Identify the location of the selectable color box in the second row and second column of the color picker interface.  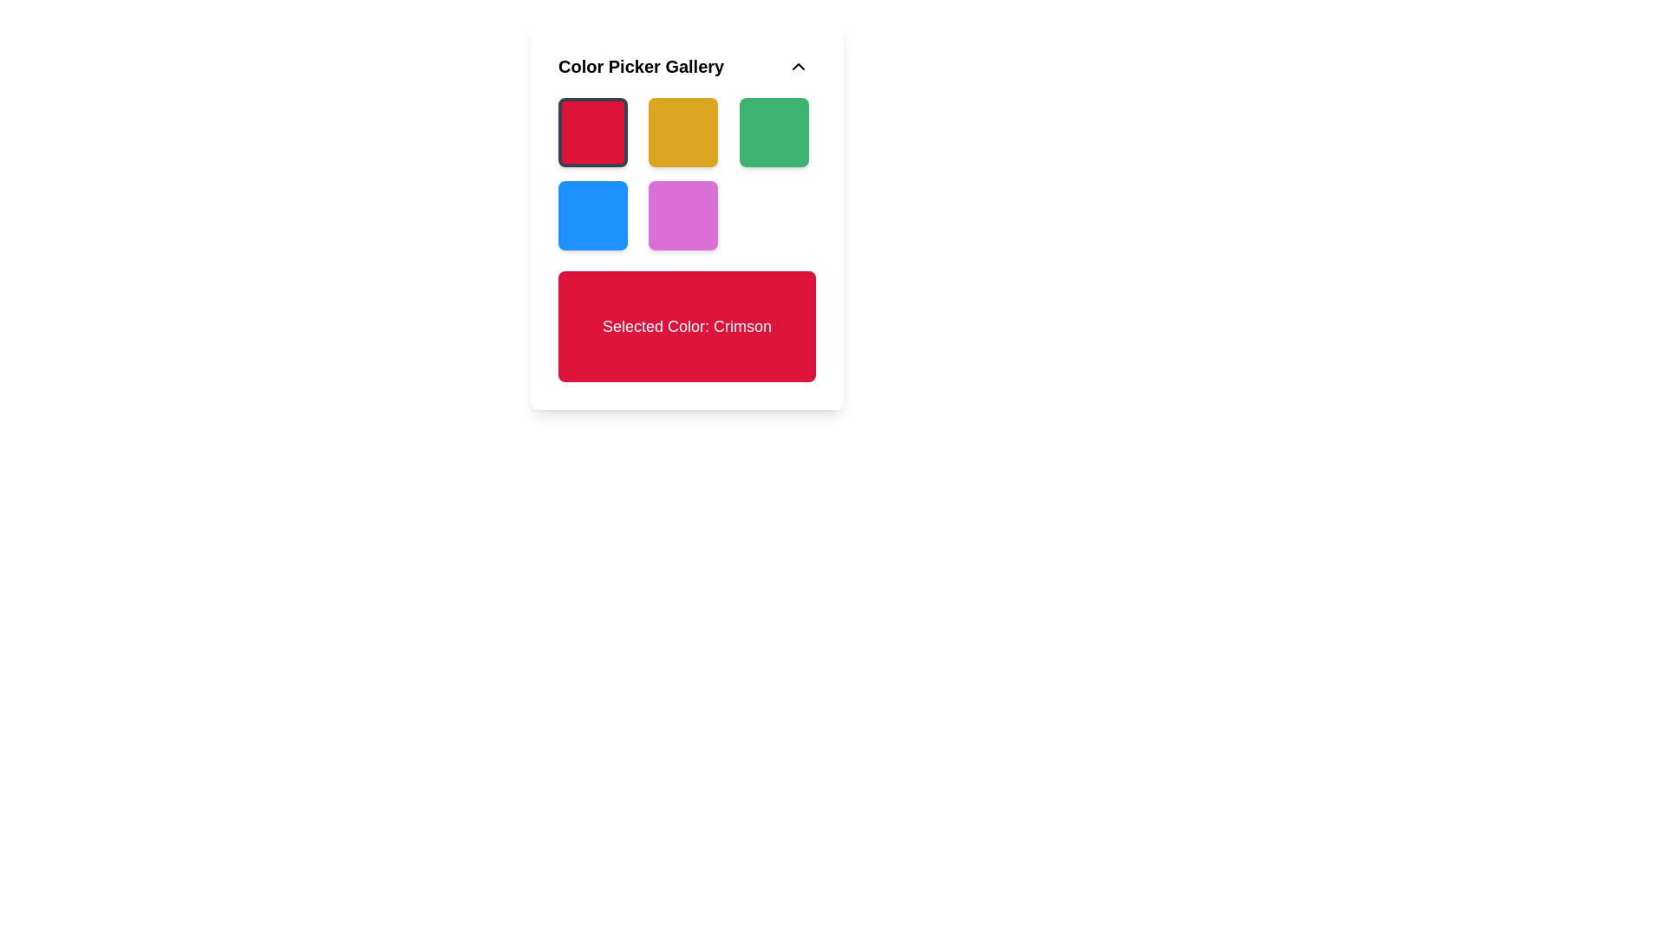
(686, 215).